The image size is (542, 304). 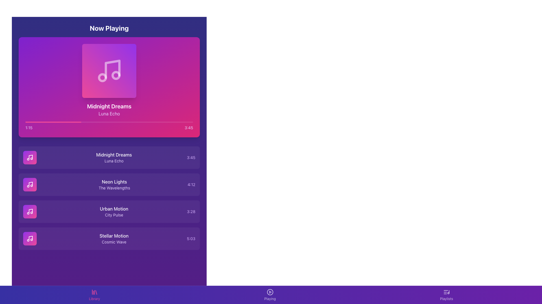 I want to click on the text display element that shows the subtitle or associated information for the media item 'Midnight Dreams', positioned directly beneath the title in the second item of the visible list, so click(x=113, y=161).